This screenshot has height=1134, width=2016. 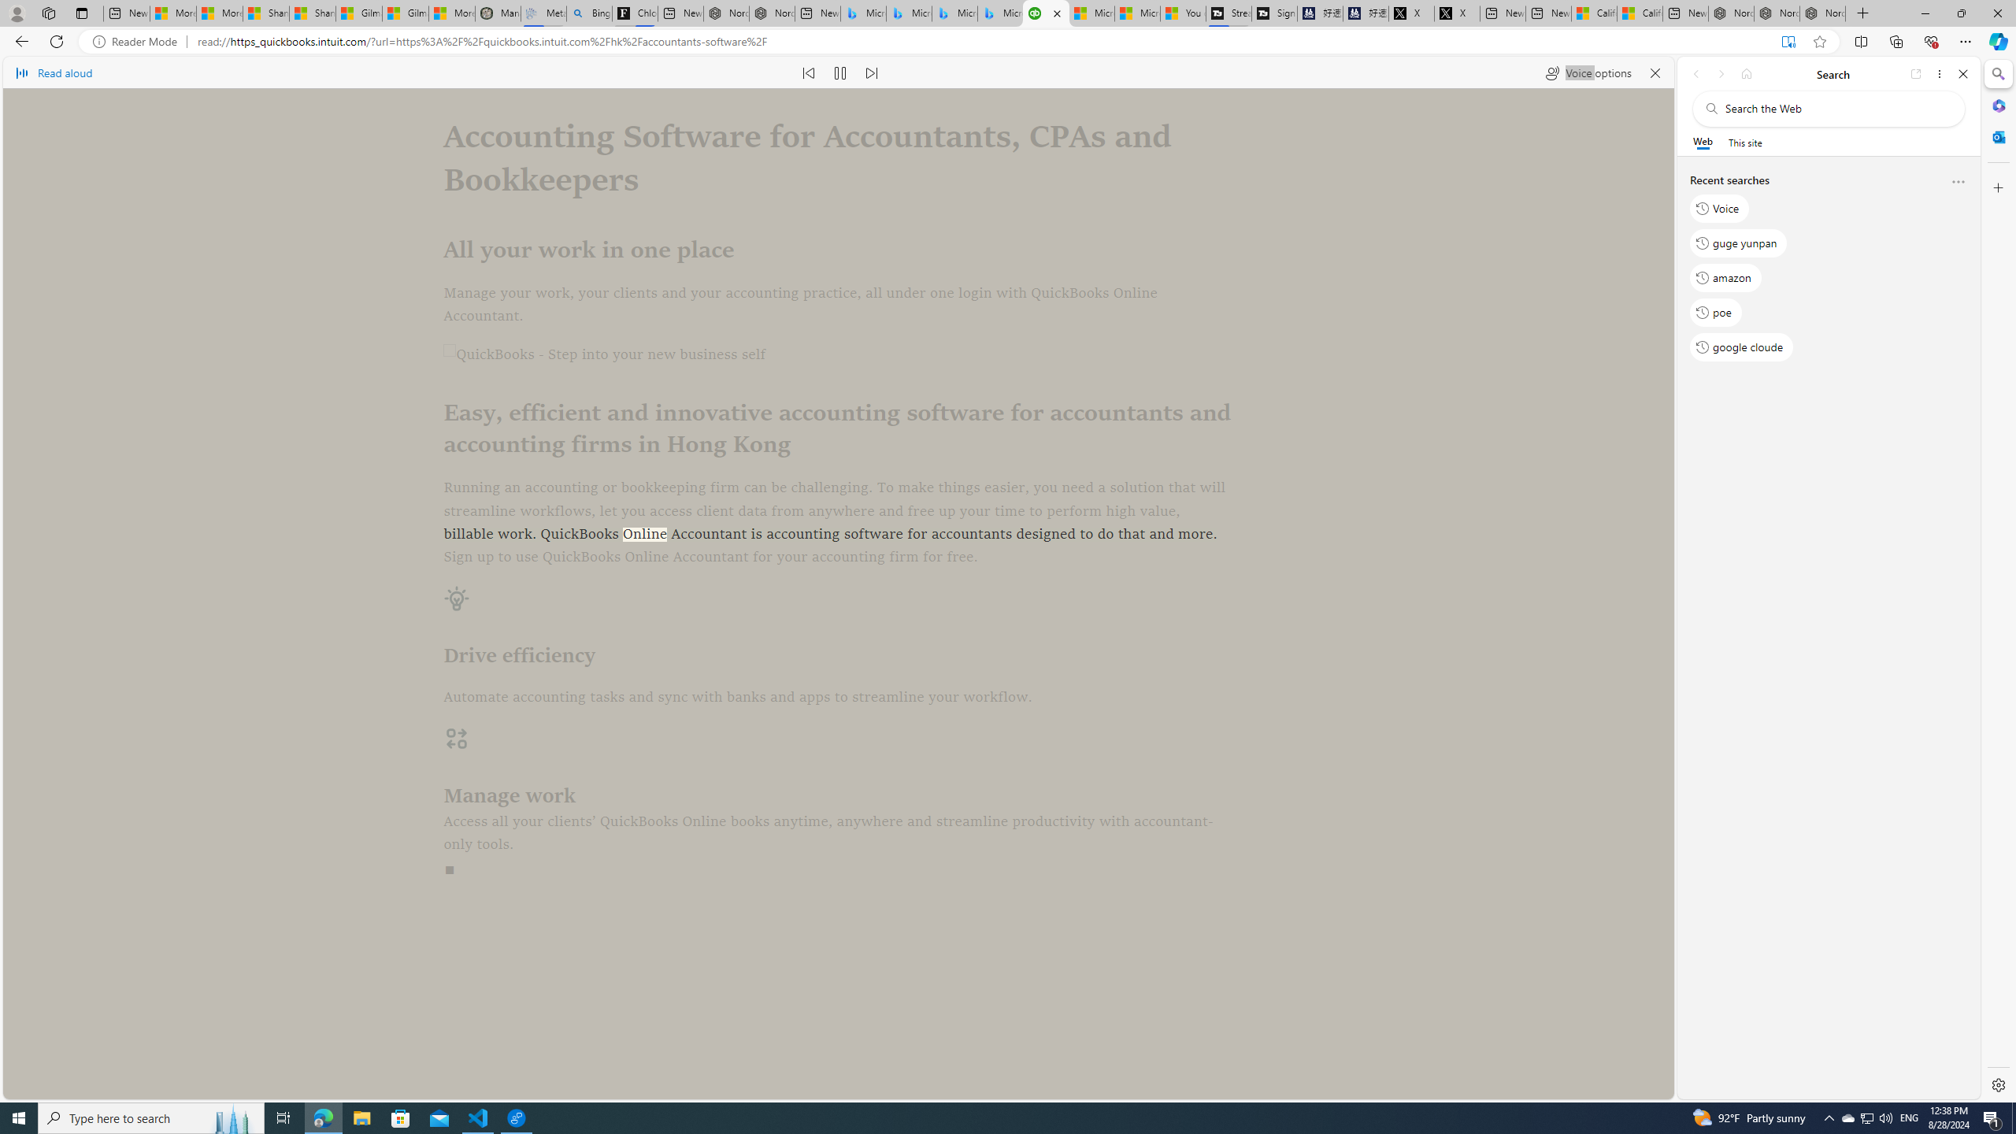 I want to click on 'Chloe Sorvino', so click(x=635, y=13).